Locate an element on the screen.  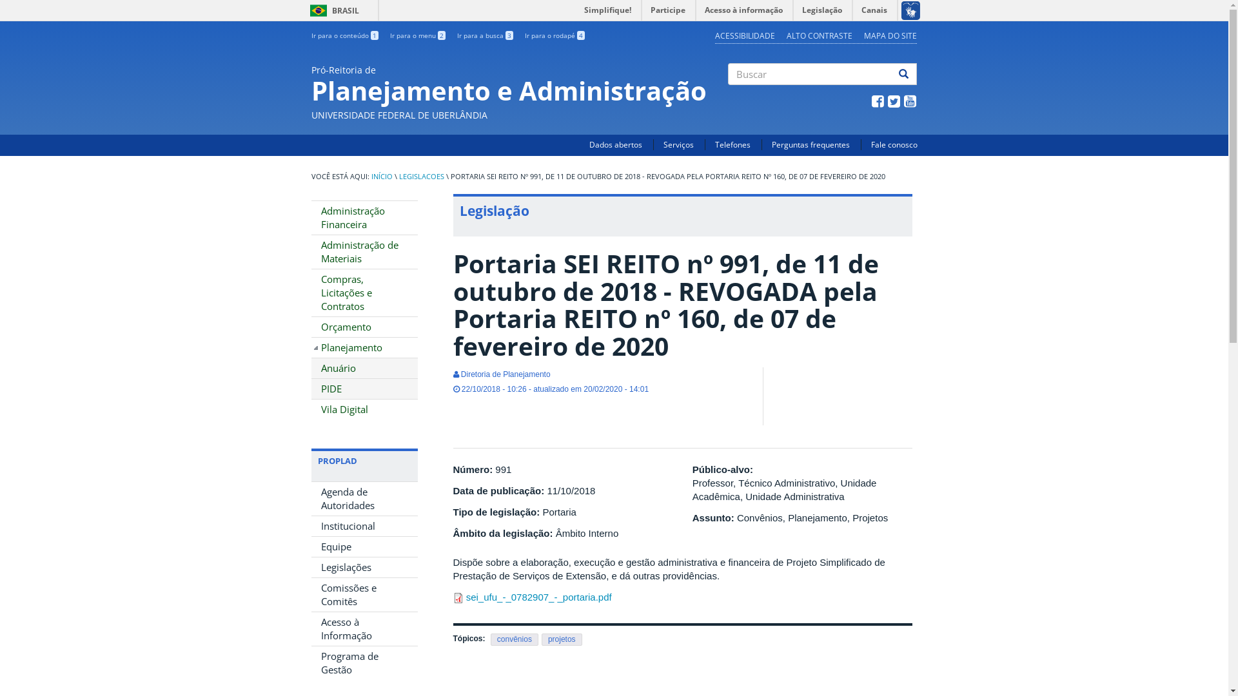
'Ir para a busca 3' is located at coordinates (457, 34).